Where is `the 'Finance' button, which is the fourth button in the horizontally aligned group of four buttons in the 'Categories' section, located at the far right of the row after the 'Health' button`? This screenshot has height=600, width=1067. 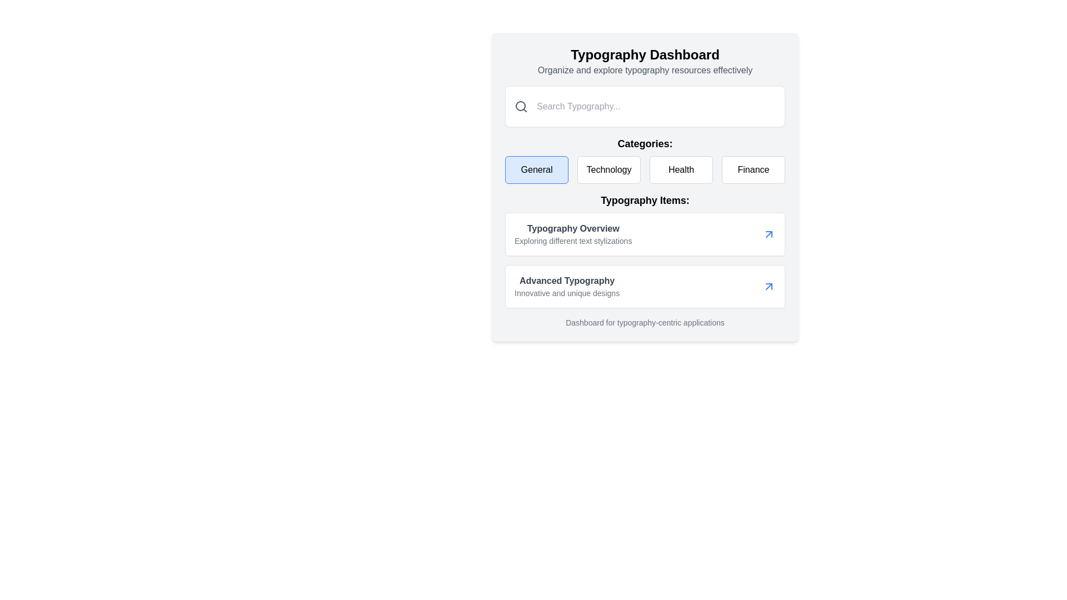
the 'Finance' button, which is the fourth button in the horizontally aligned group of four buttons in the 'Categories' section, located at the far right of the row after the 'Health' button is located at coordinates (754, 169).